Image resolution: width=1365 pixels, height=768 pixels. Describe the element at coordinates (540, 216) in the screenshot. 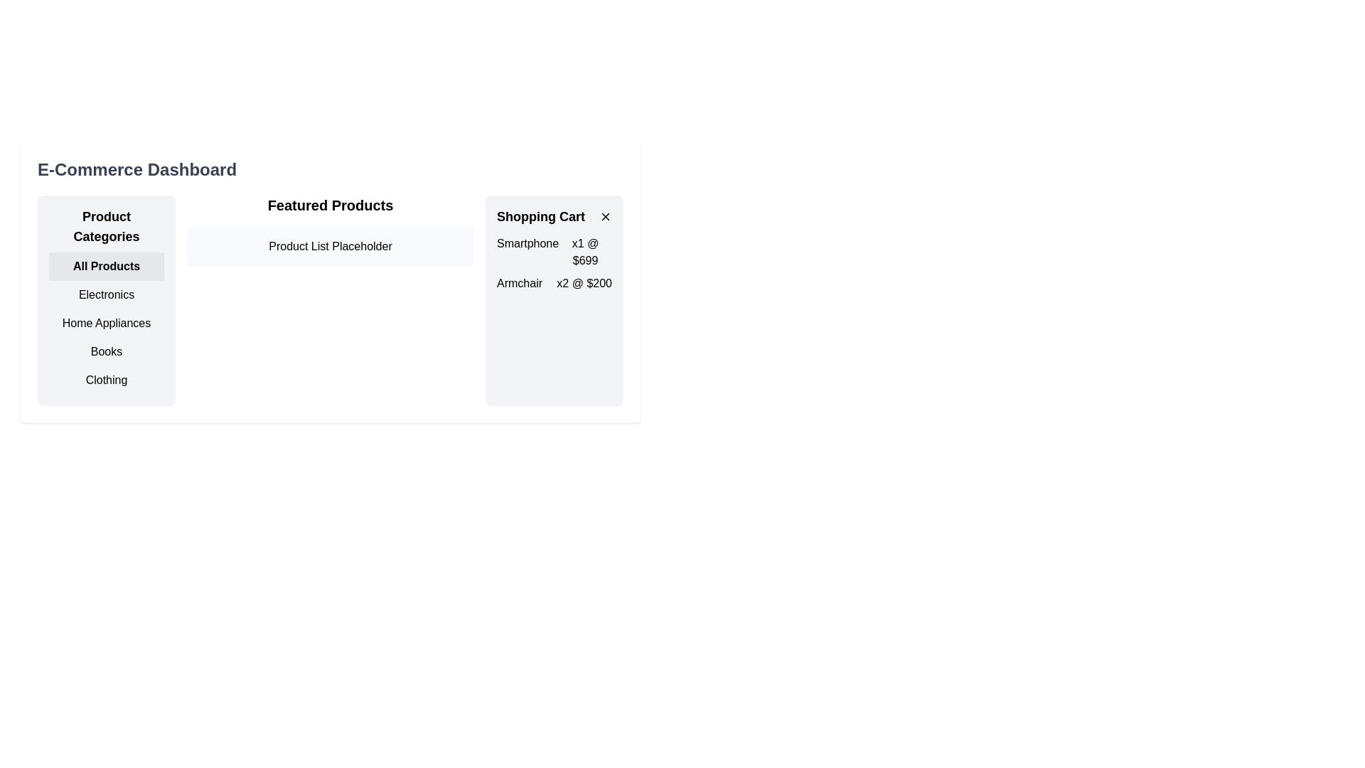

I see `the bold text label displaying 'Shopping Cart' at the top of the shopping cart section` at that location.